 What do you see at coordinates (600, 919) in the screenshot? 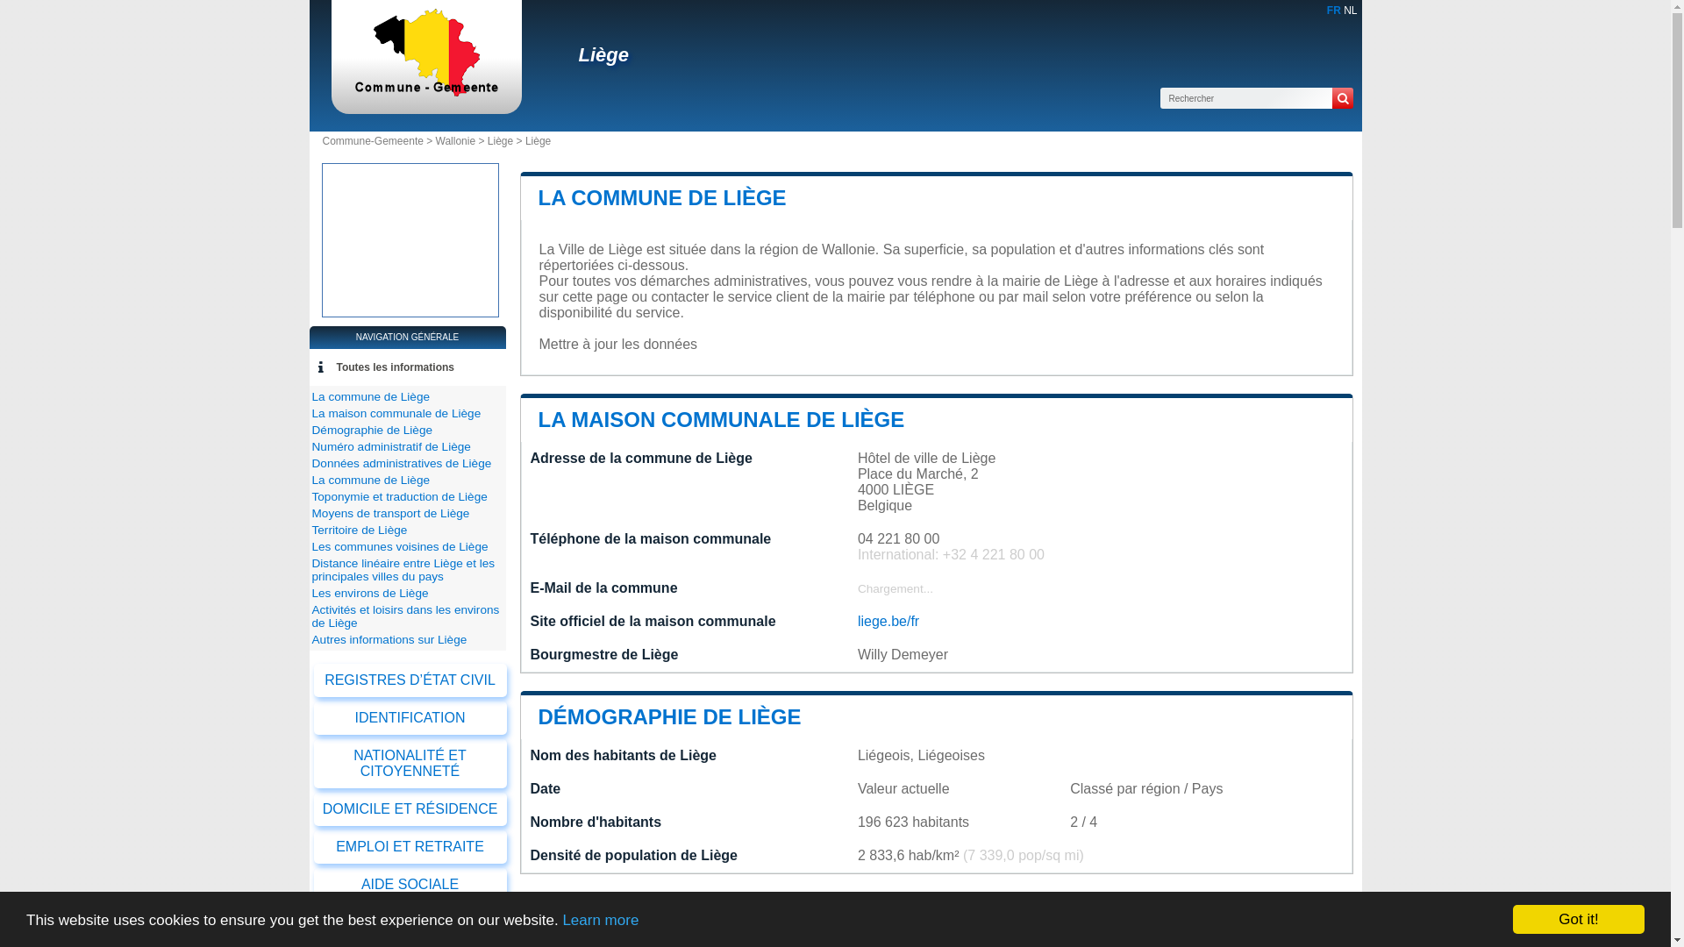
I see `'Learn more'` at bounding box center [600, 919].